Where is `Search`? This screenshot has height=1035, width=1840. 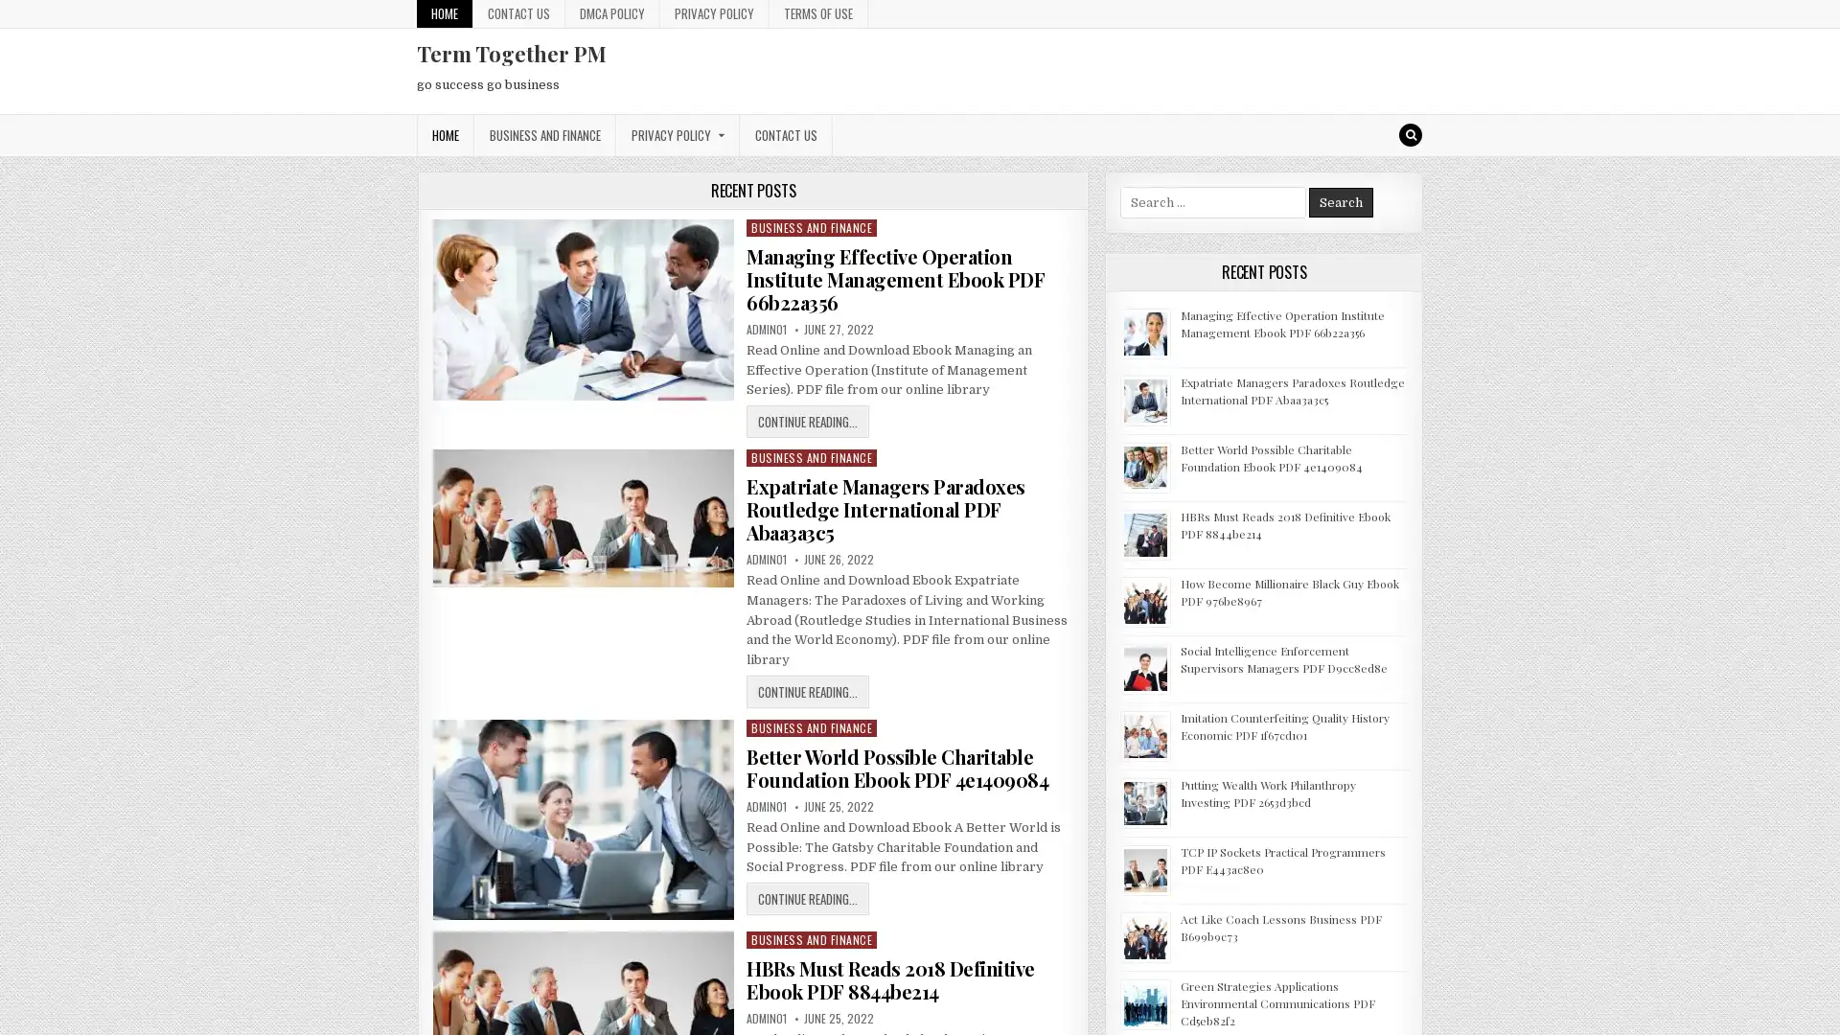
Search is located at coordinates (1340, 202).